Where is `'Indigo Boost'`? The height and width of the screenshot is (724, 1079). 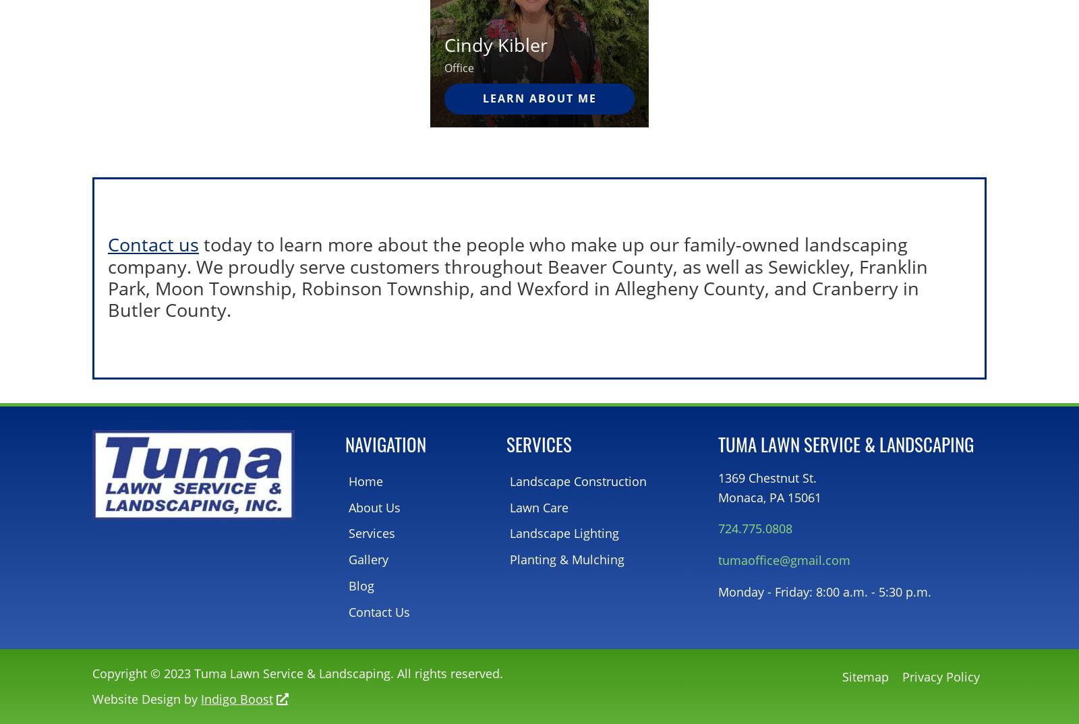
'Indigo Boost' is located at coordinates (237, 698).